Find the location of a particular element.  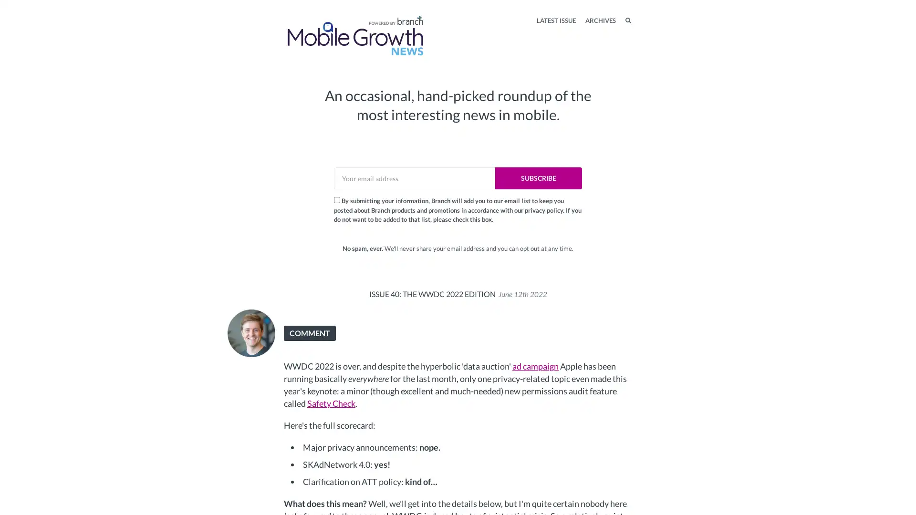

TOGGLE MENU is located at coordinates (285, 2).